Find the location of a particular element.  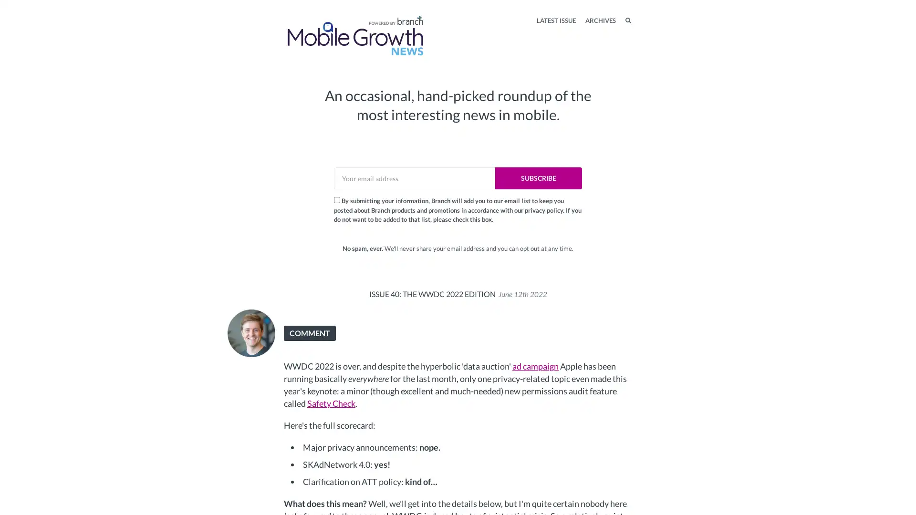

TOGGLE MENU is located at coordinates (285, 2).